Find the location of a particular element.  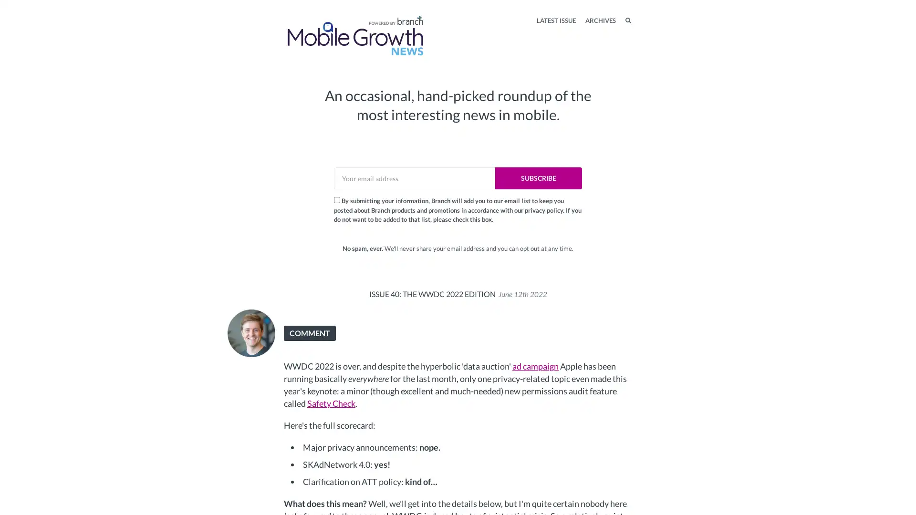

TOGGLE MENU is located at coordinates (285, 2).